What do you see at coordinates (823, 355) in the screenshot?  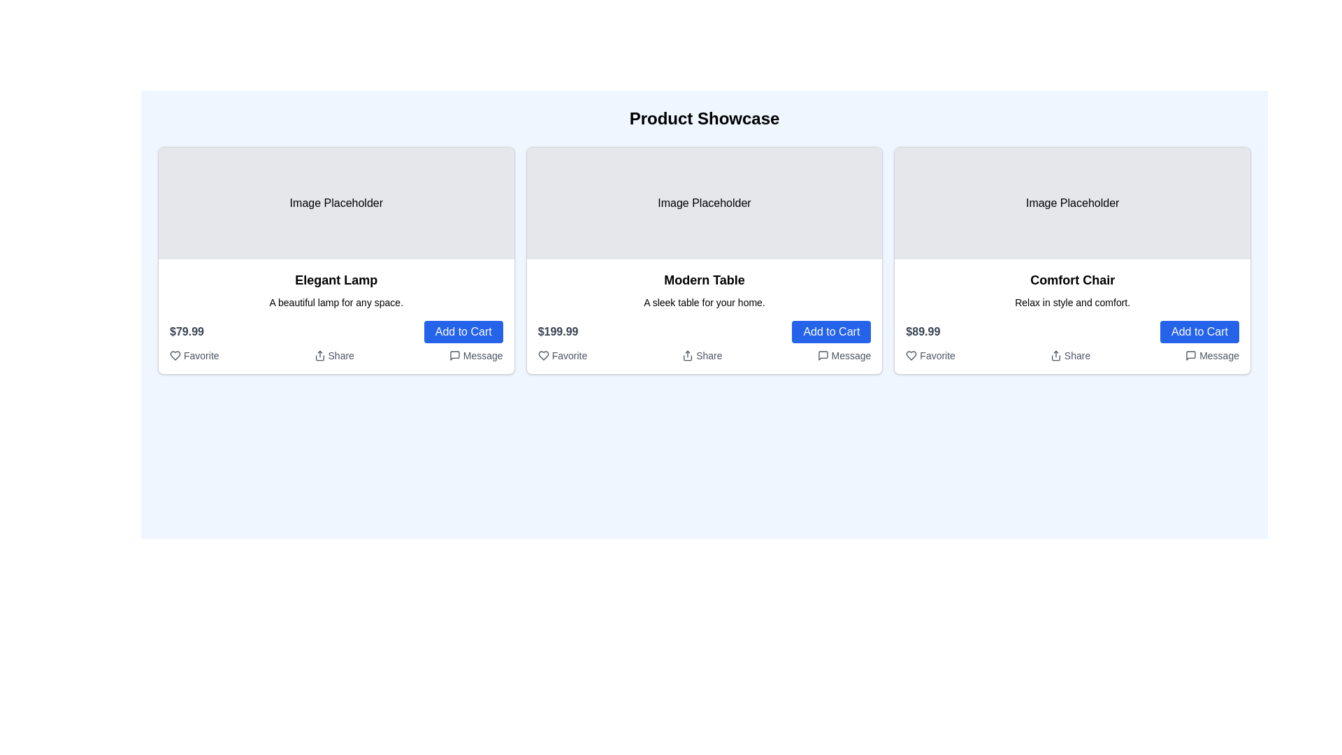 I see `the messaging icon button located in the lower section of the product card for 'Modern Table' to send a message` at bounding box center [823, 355].